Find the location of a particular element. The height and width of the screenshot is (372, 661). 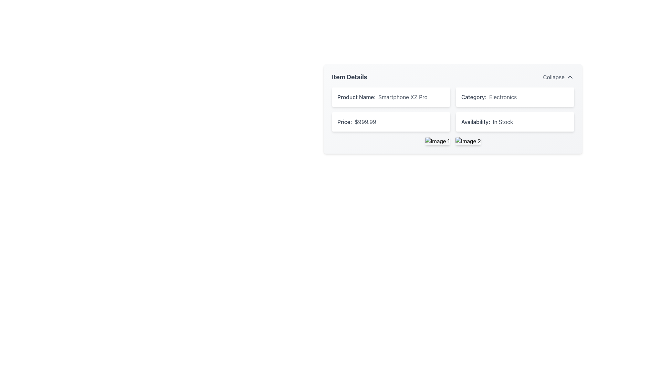

the Text Label that identifies the purpose of the adjoining 'In Stock' text, indicating product availability is located at coordinates (475, 122).